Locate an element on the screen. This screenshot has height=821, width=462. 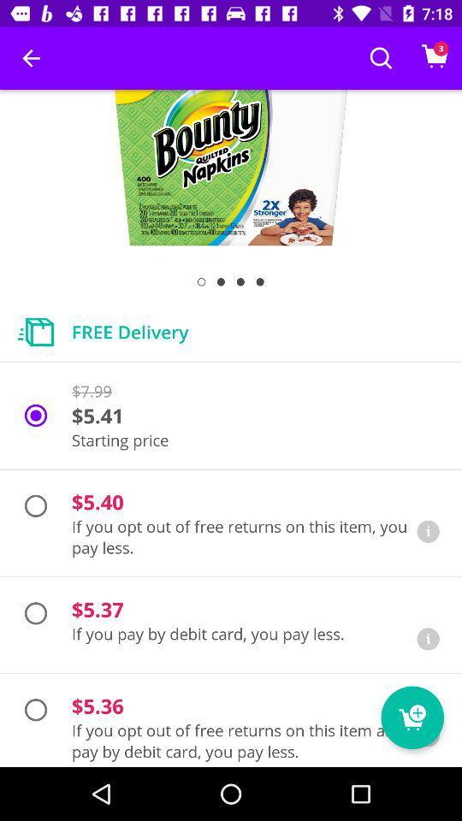
the info icon is located at coordinates (427, 638).